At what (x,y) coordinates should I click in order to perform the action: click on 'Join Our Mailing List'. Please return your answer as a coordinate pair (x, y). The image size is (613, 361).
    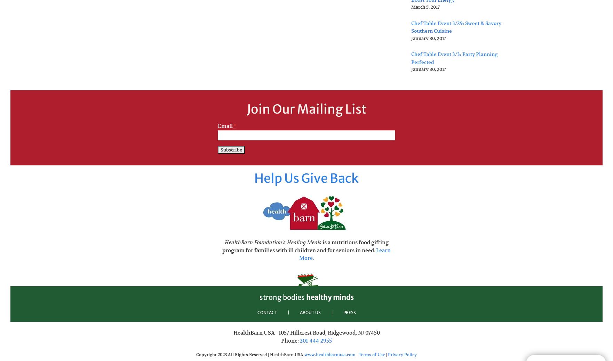
    Looking at the image, I should click on (306, 109).